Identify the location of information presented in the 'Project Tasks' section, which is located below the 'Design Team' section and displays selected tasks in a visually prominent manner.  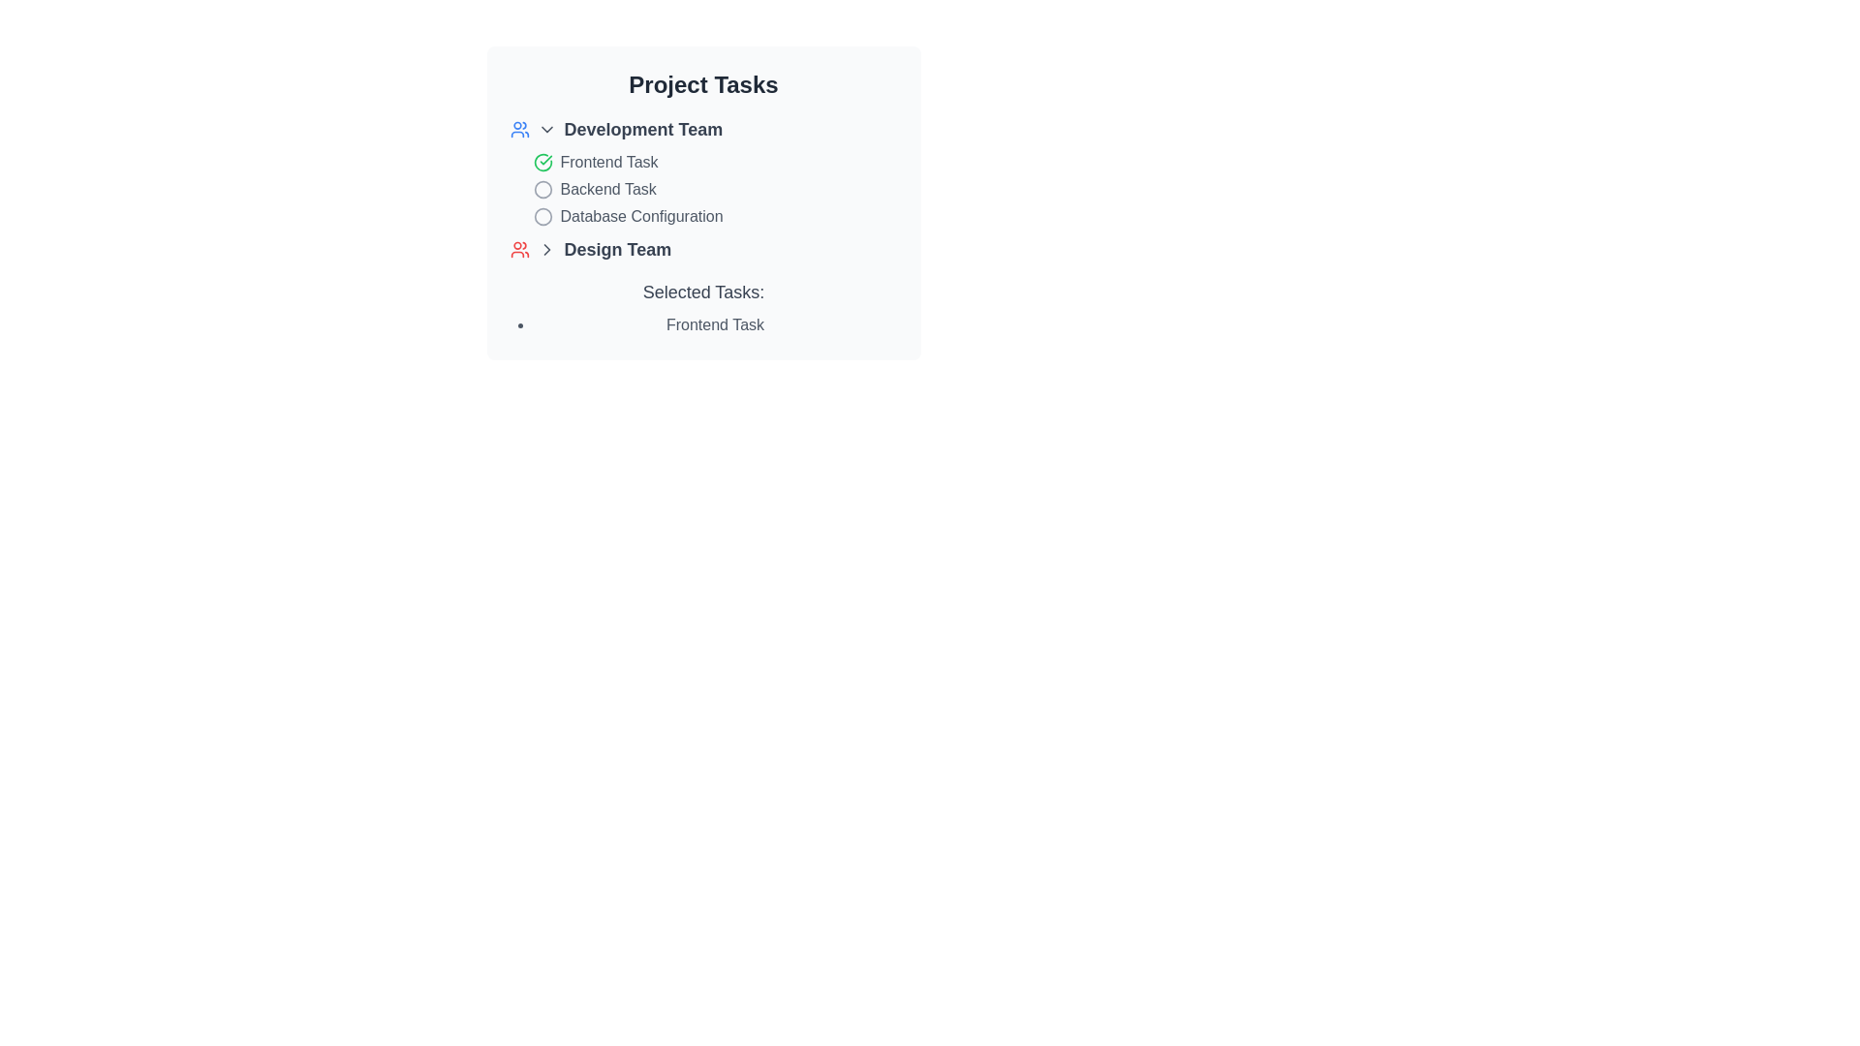
(702, 306).